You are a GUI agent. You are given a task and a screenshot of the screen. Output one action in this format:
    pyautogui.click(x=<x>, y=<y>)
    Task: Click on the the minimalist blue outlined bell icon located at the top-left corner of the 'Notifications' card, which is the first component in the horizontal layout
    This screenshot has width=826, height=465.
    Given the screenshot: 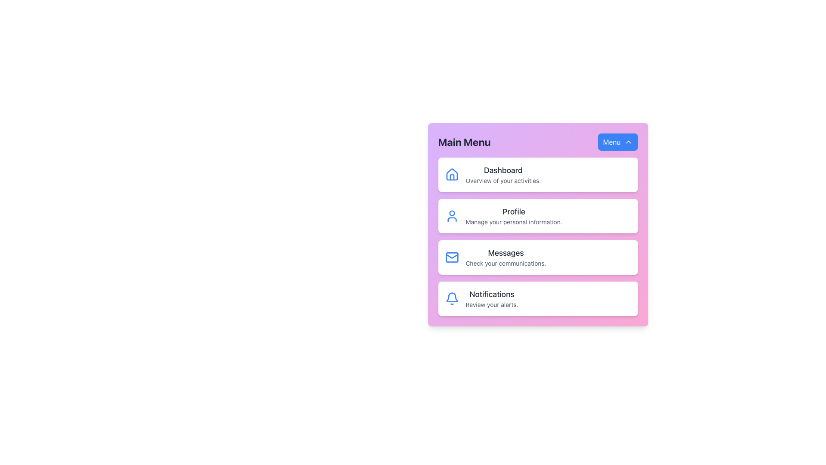 What is the action you would take?
    pyautogui.click(x=451, y=298)
    